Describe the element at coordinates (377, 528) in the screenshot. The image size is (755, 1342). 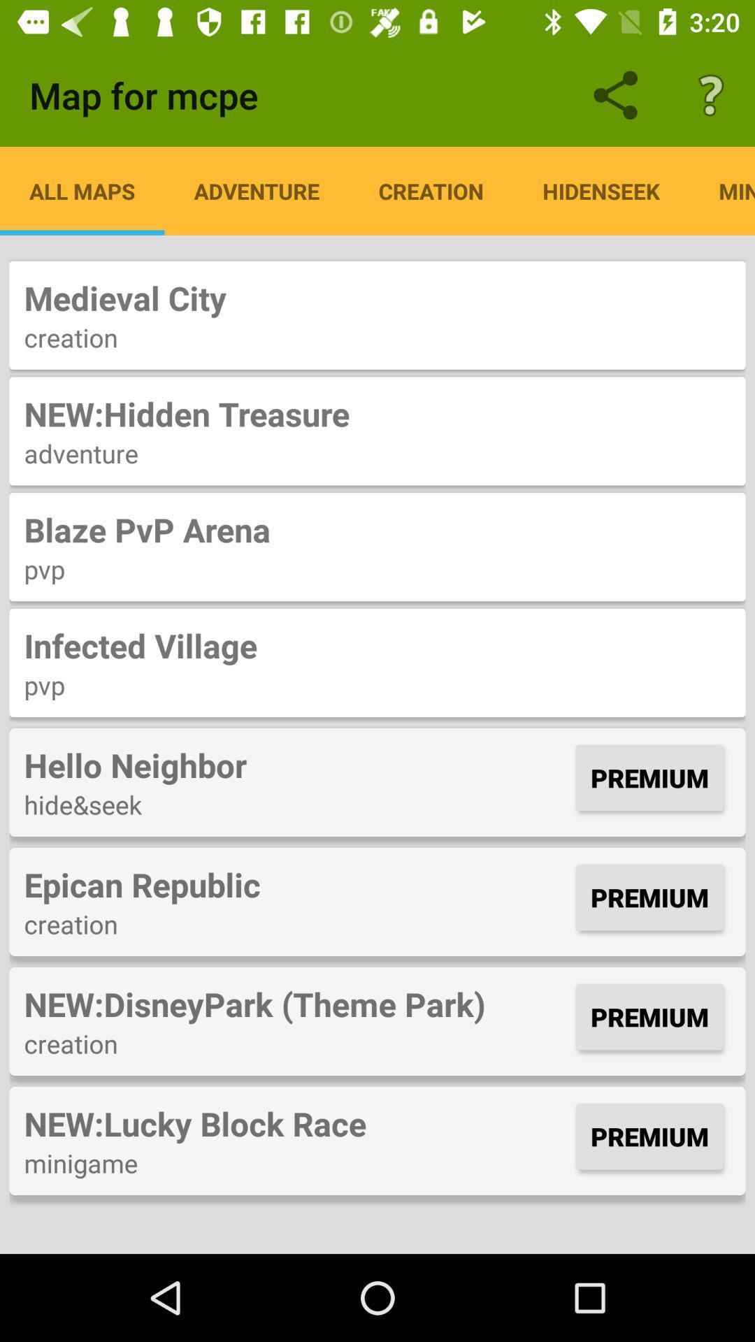
I see `item above pvp` at that location.